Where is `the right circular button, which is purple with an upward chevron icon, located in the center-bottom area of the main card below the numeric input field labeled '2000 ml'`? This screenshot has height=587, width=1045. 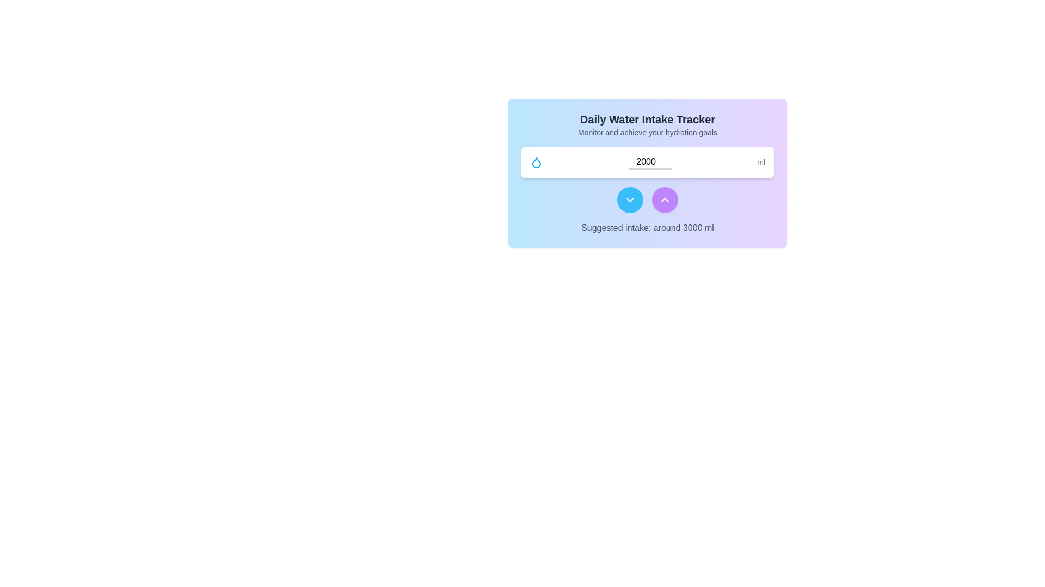
the right circular button, which is purple with an upward chevron icon, located in the center-bottom area of the main card below the numeric input field labeled '2000 ml' is located at coordinates (648, 199).